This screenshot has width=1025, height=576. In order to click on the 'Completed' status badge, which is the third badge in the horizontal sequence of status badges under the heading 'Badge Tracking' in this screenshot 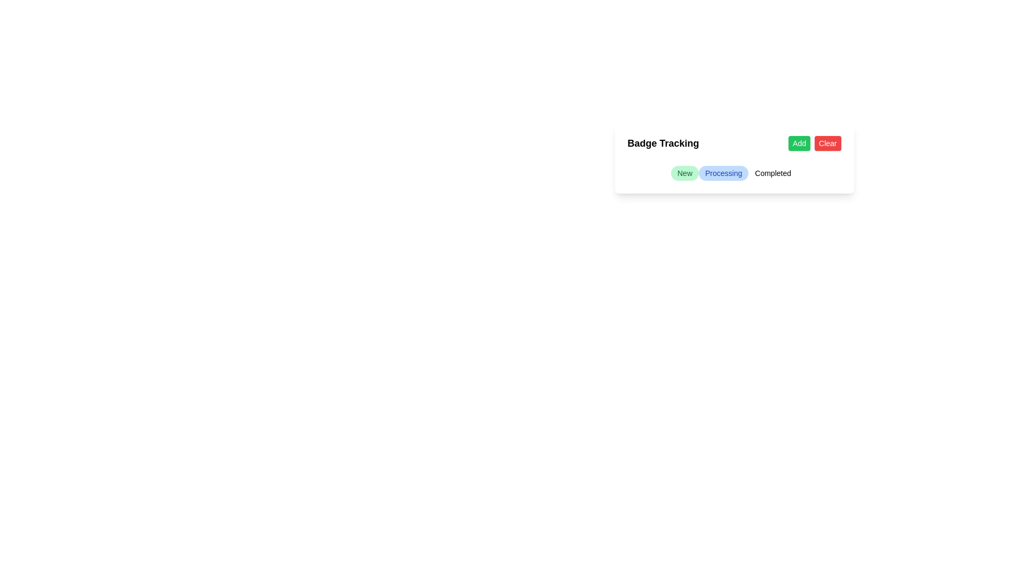, I will do `click(773, 172)`.